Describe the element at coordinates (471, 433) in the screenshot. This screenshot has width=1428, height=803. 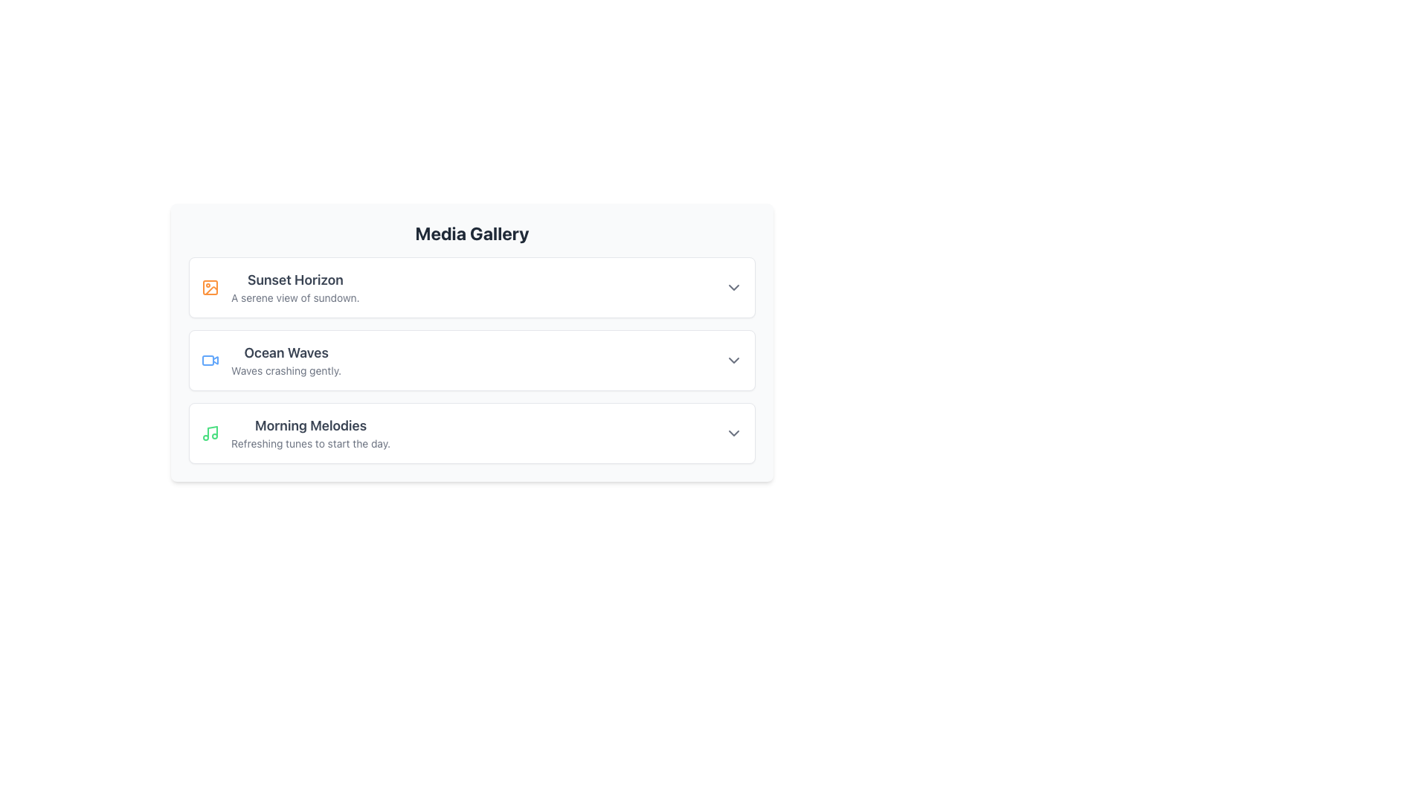
I see `the 'Morning Melodies' card in the Media Gallery section` at that location.